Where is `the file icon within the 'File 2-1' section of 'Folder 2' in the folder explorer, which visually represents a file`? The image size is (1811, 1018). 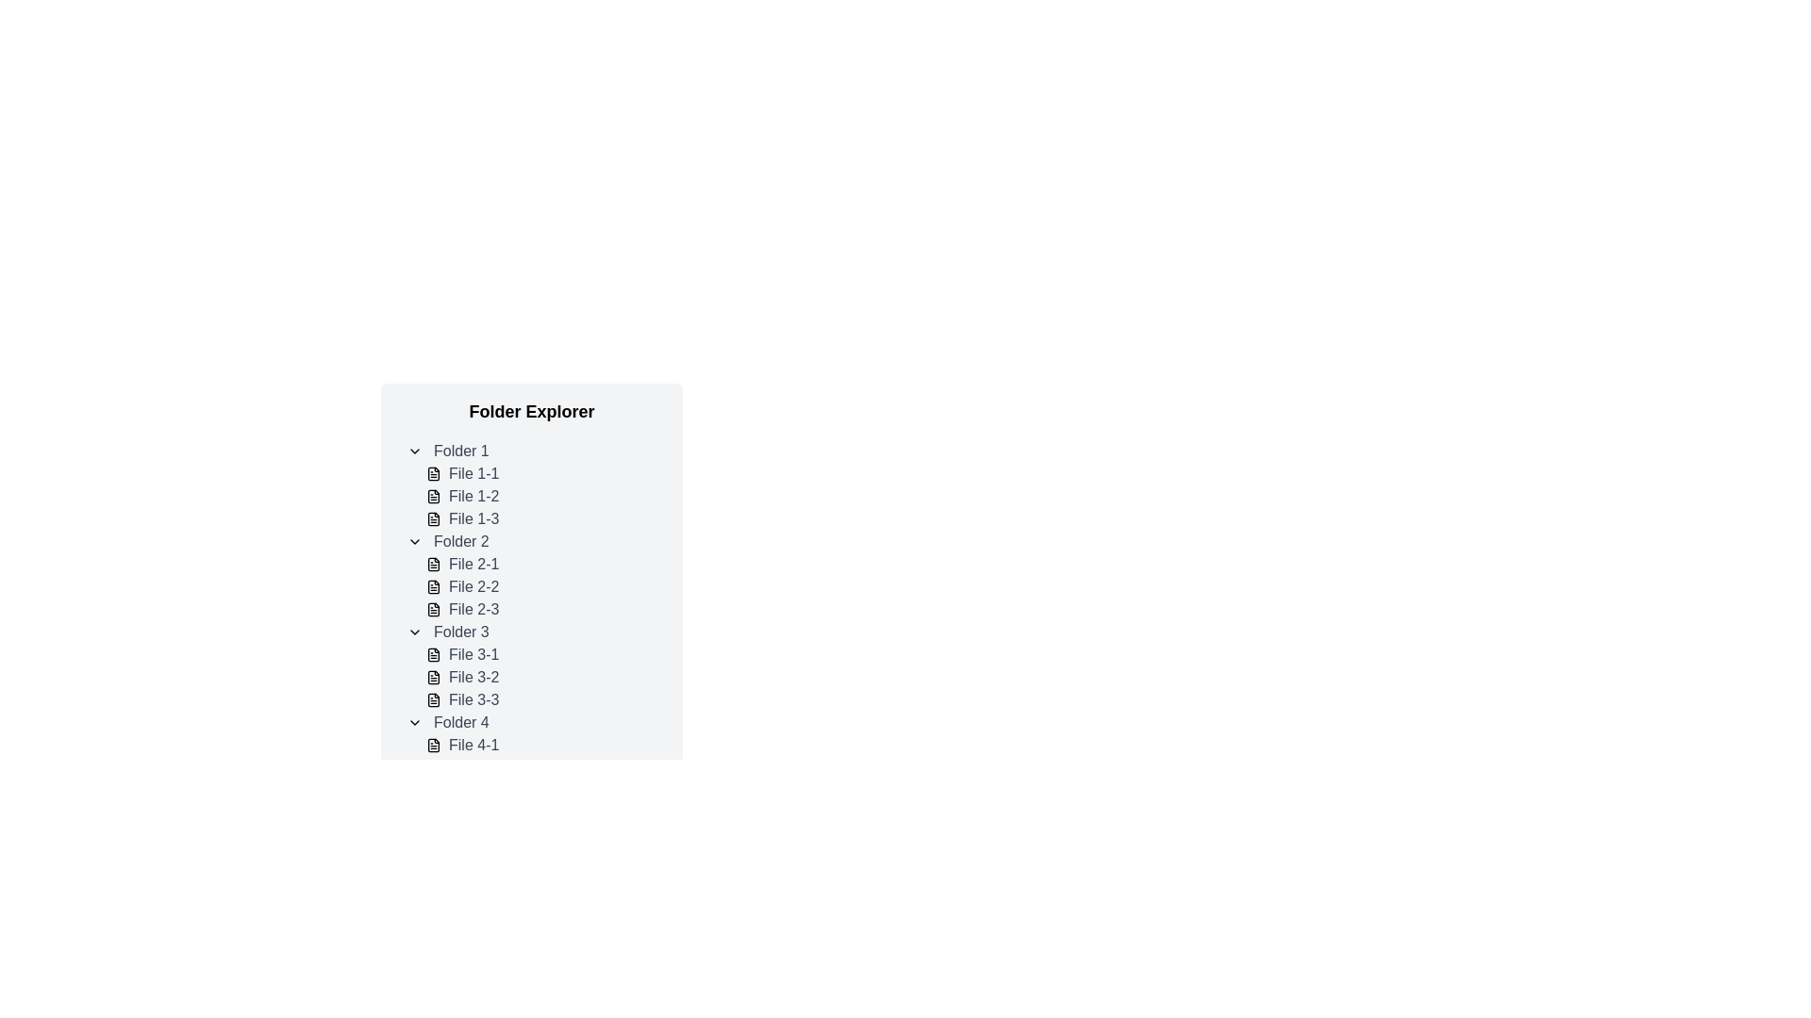 the file icon within the 'File 2-1' section of 'Folder 2' in the folder explorer, which visually represents a file is located at coordinates (433, 563).